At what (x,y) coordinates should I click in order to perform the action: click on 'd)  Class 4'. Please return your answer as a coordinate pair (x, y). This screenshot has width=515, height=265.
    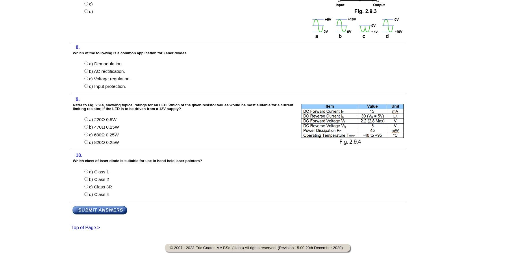
    Looking at the image, I should click on (88, 194).